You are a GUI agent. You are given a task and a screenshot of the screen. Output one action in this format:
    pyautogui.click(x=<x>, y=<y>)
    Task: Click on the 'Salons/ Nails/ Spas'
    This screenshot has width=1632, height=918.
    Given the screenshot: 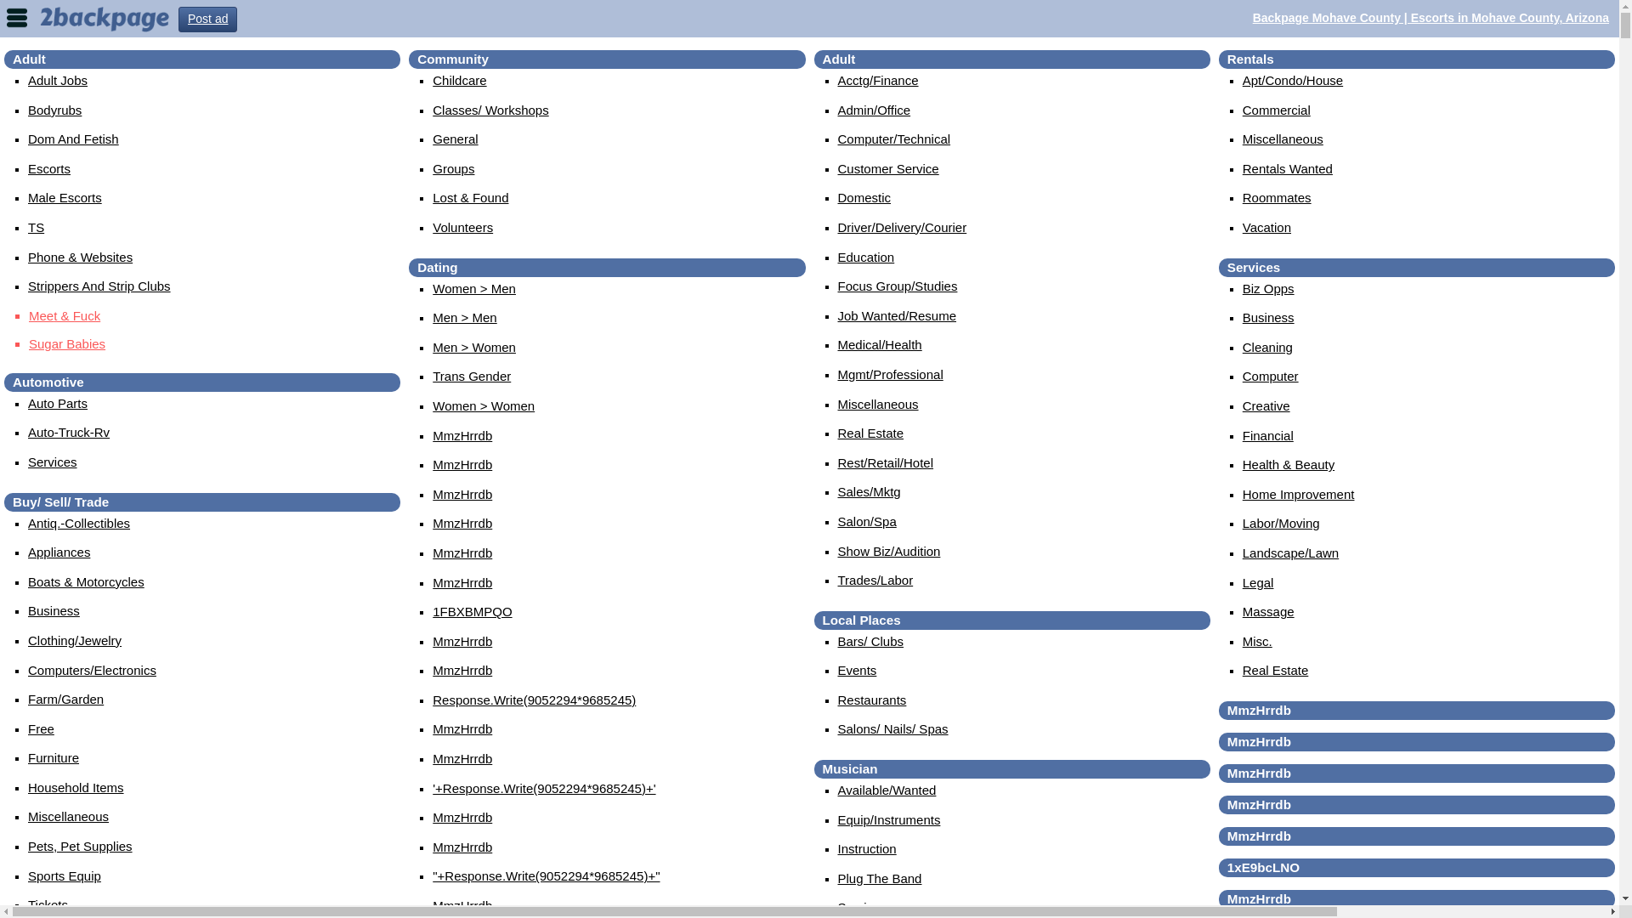 What is the action you would take?
    pyautogui.click(x=892, y=728)
    